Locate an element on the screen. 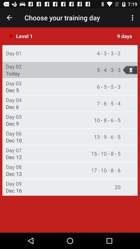 The width and height of the screenshot is (140, 249). today icon is located at coordinates (13, 73).